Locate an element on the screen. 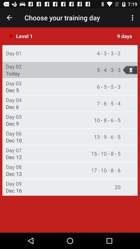 The width and height of the screenshot is (140, 249). today icon is located at coordinates (13, 73).